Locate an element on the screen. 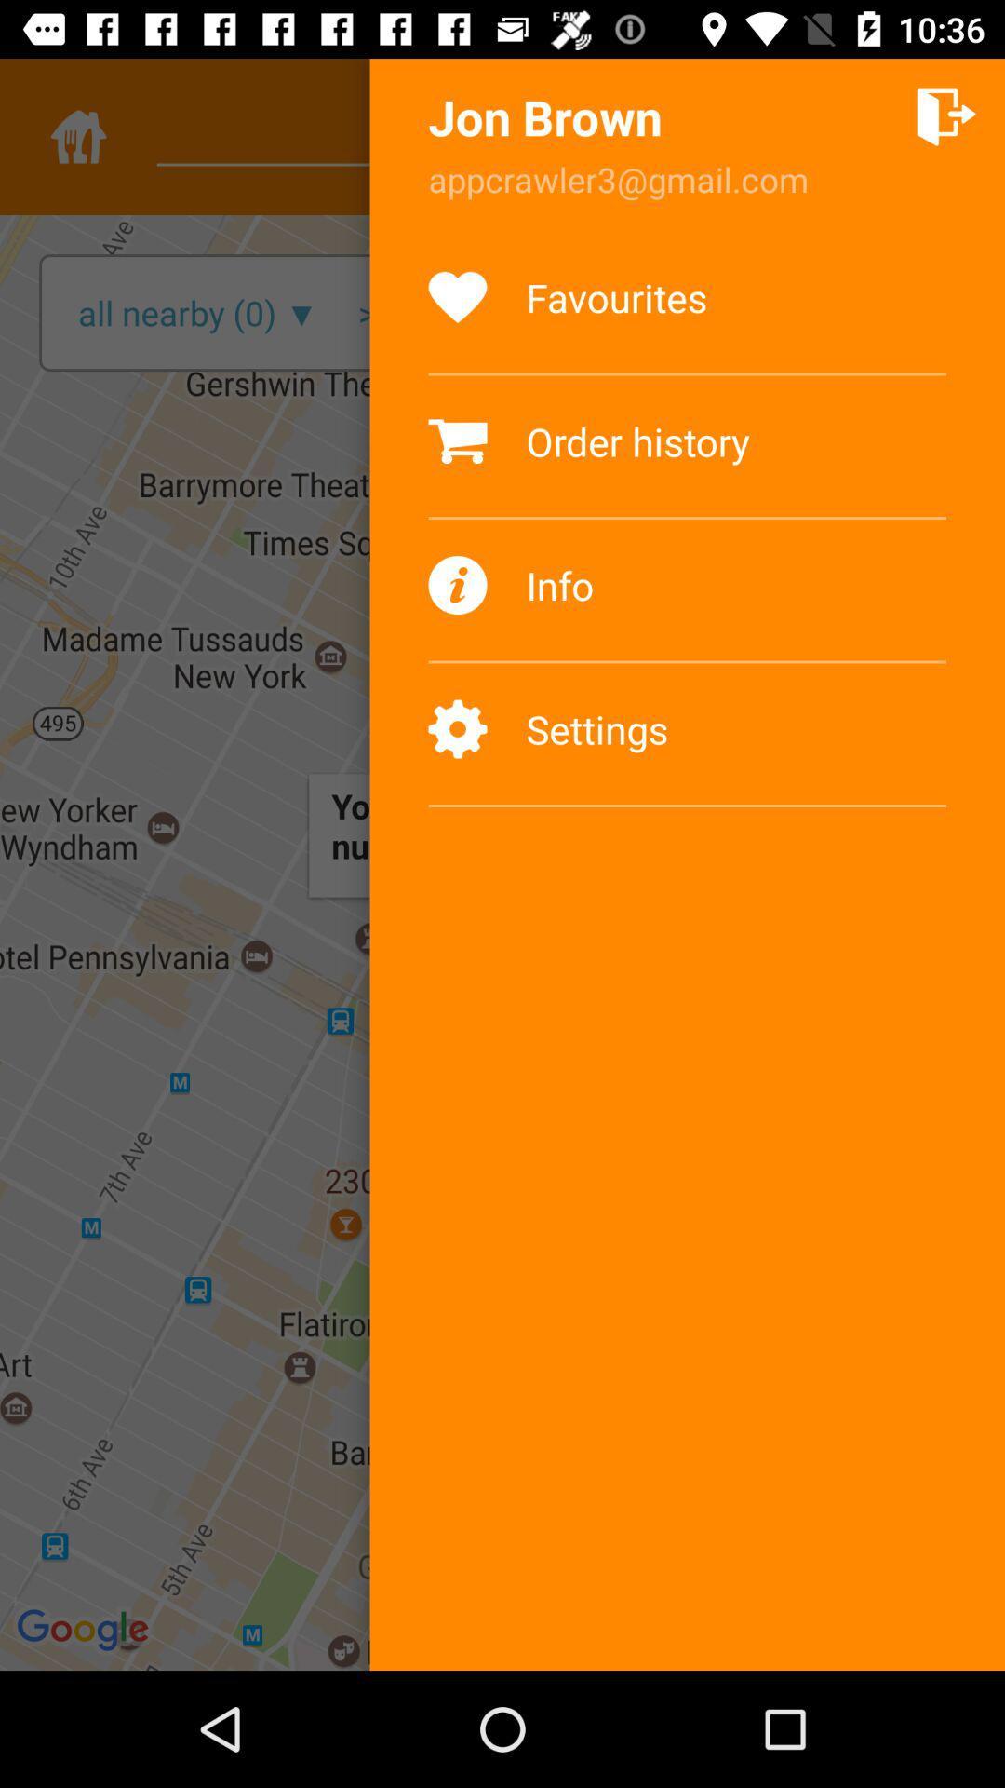 The height and width of the screenshot is (1788, 1005). the add icon is located at coordinates (935, 136).